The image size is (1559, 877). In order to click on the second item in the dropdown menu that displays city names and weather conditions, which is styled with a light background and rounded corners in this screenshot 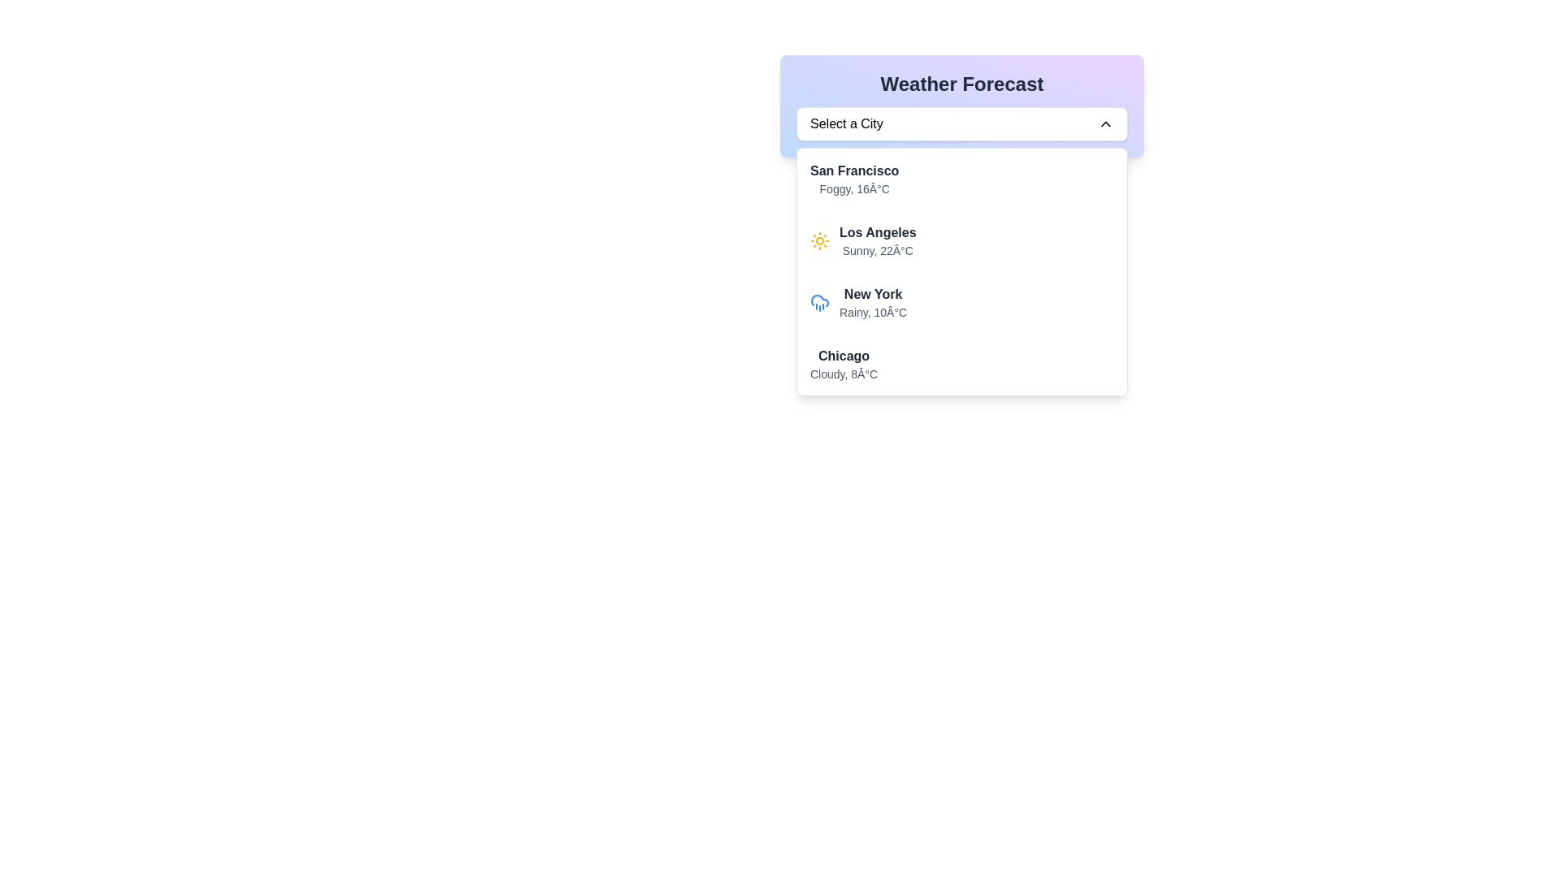, I will do `click(962, 271)`.